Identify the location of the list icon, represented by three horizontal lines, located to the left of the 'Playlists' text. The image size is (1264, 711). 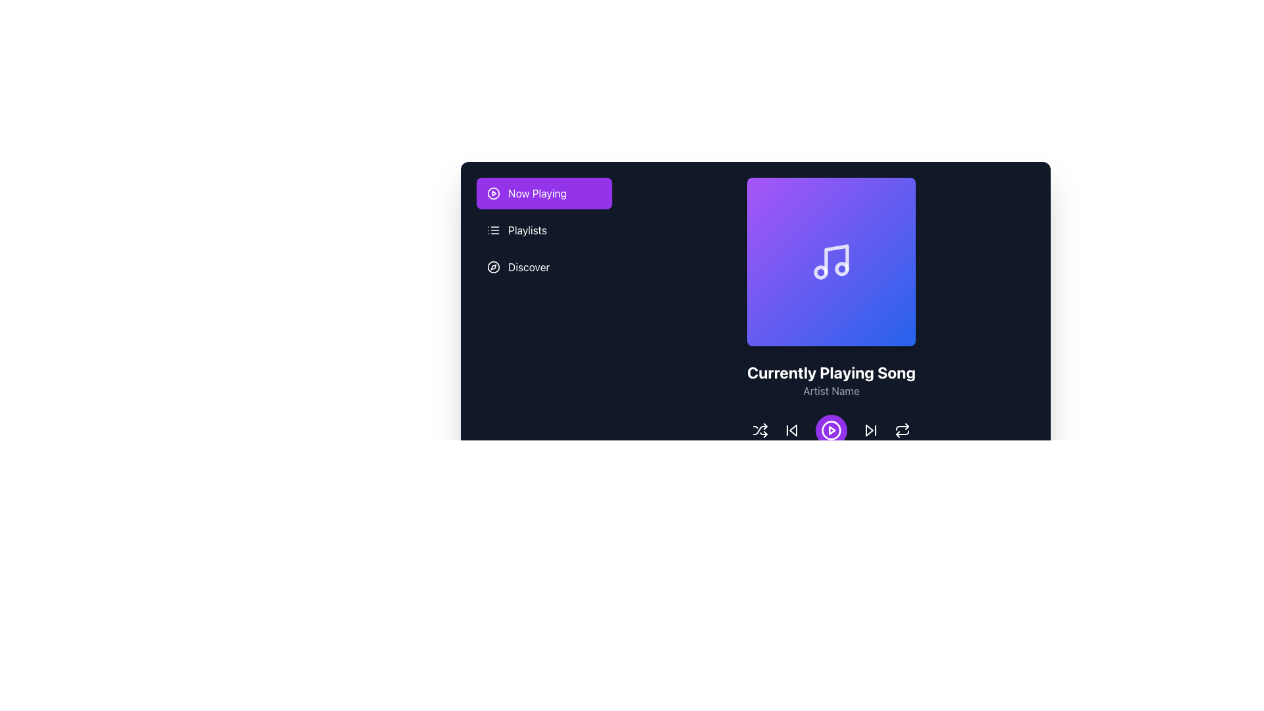
(492, 230).